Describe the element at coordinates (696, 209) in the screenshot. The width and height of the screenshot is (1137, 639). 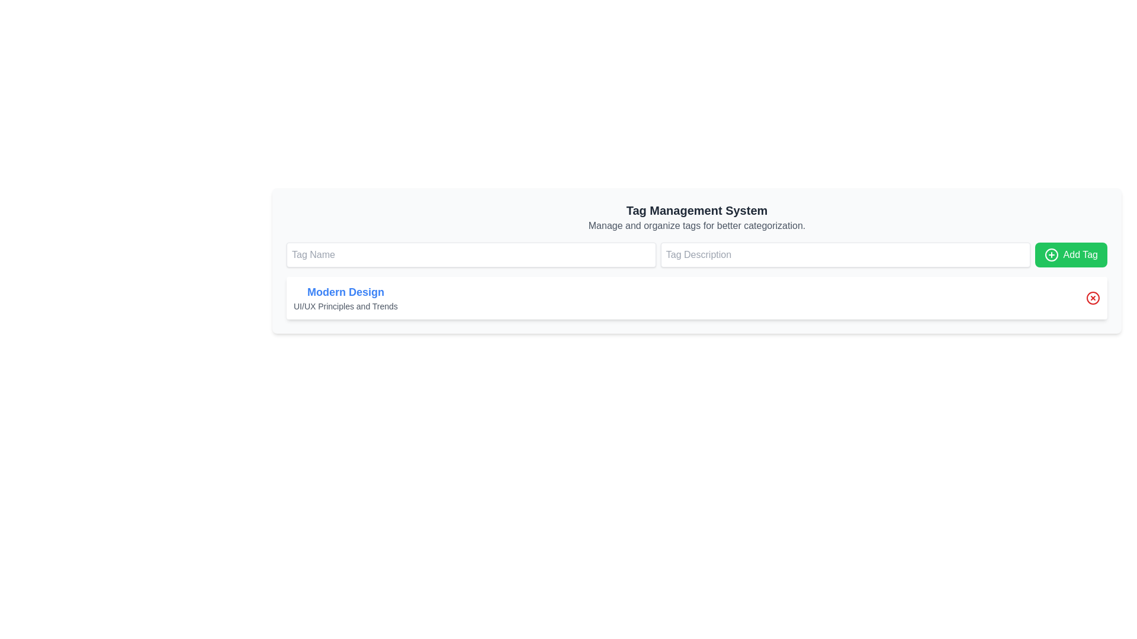
I see `the 'Tag Management System' text label, which is styled in bold, extra-large dark-gray font and serves as a header located at the top of the content area` at that location.